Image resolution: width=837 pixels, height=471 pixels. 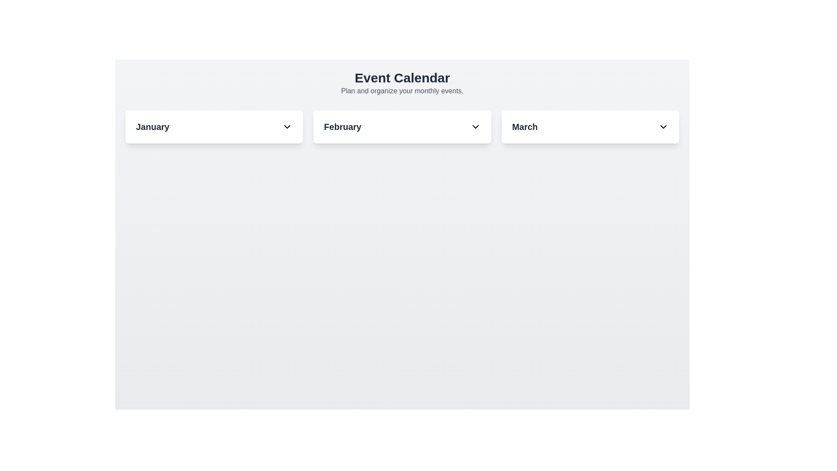 I want to click on the dropdown menu for selecting the month 'February', so click(x=401, y=126).